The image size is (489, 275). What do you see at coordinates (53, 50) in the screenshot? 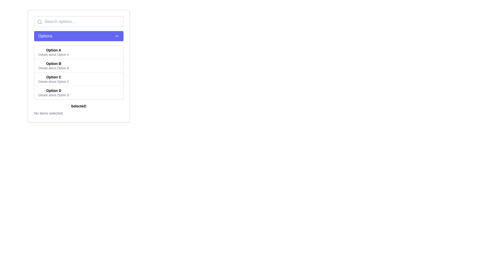
I see `the text label representing the first selectable option in the list, located at the upper text in the first row` at bounding box center [53, 50].